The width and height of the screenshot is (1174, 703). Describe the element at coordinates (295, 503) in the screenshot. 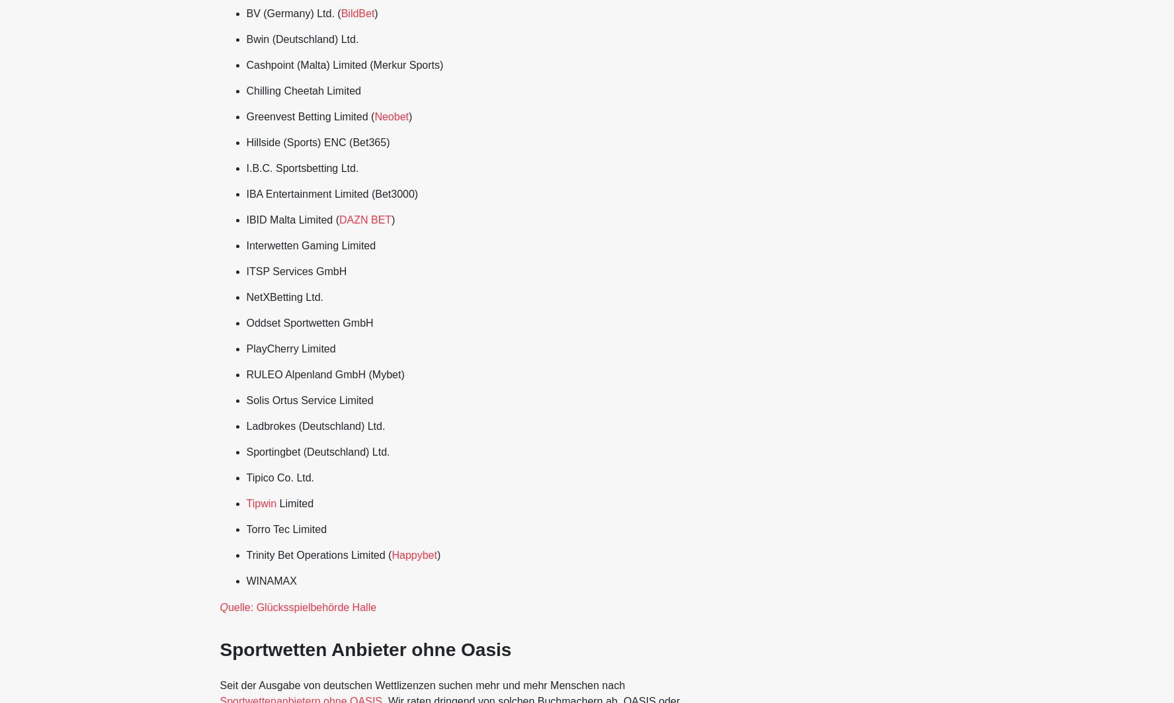

I see `'Limited'` at that location.